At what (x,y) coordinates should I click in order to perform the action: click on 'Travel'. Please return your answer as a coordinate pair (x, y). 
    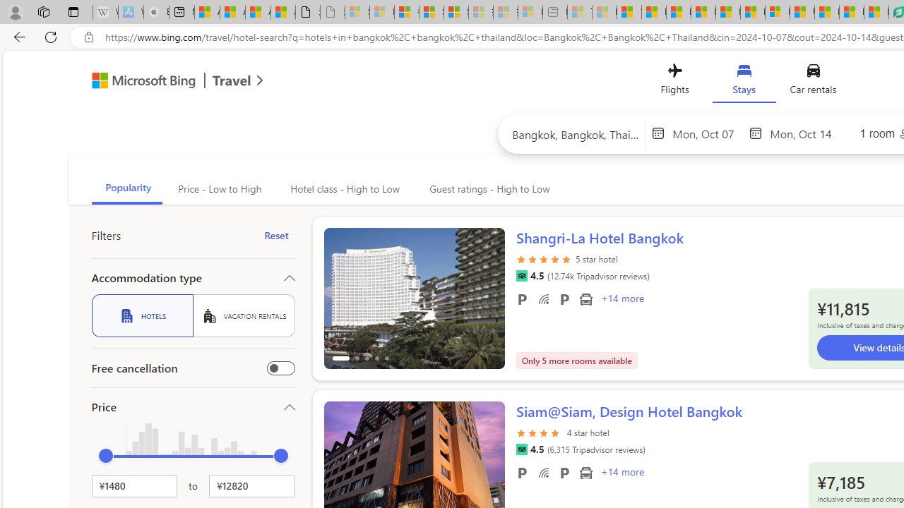
    Looking at the image, I should click on (232, 83).